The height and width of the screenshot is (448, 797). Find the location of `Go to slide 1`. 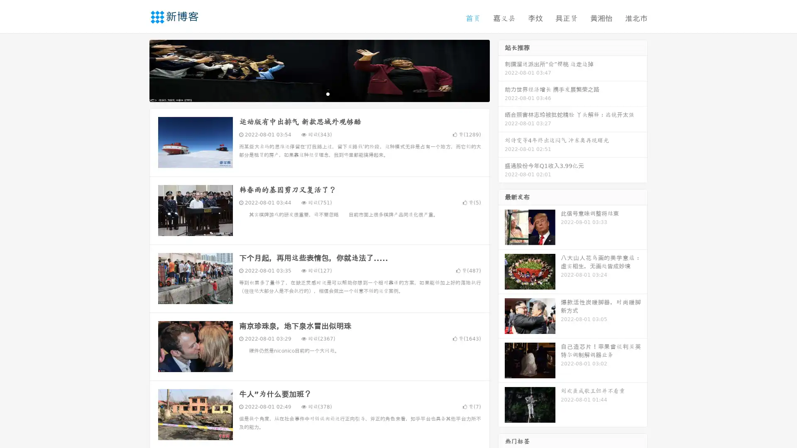

Go to slide 1 is located at coordinates (310, 93).